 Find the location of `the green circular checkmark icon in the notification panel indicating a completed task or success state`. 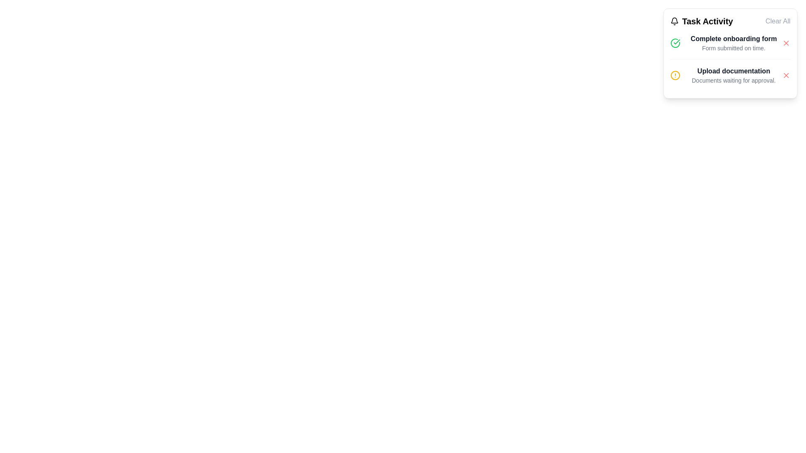

the green circular checkmark icon in the notification panel indicating a completed task or success state is located at coordinates (675, 43).